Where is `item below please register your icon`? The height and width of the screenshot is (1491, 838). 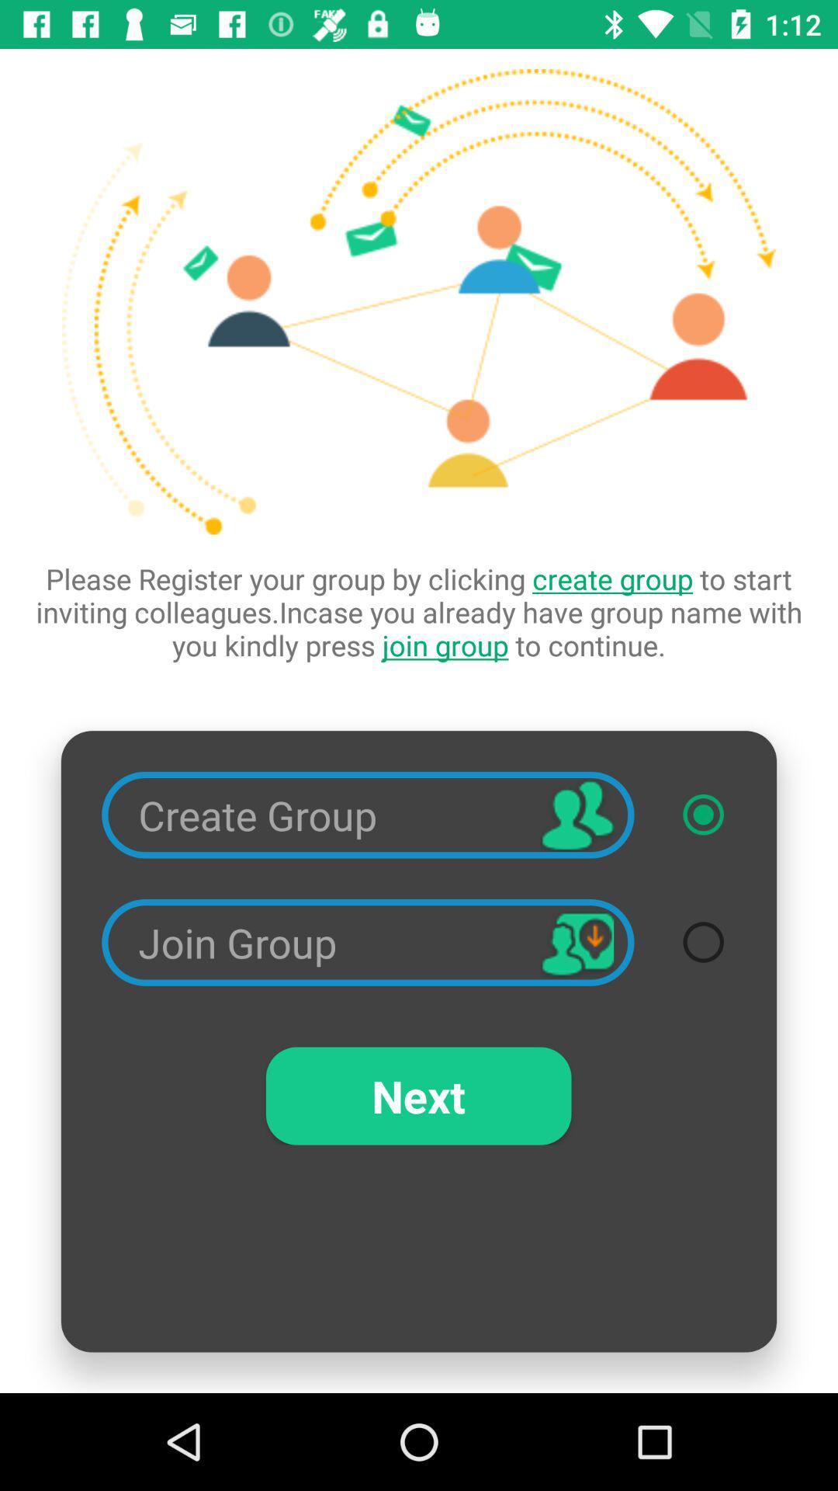
item below please register your icon is located at coordinates (703, 814).